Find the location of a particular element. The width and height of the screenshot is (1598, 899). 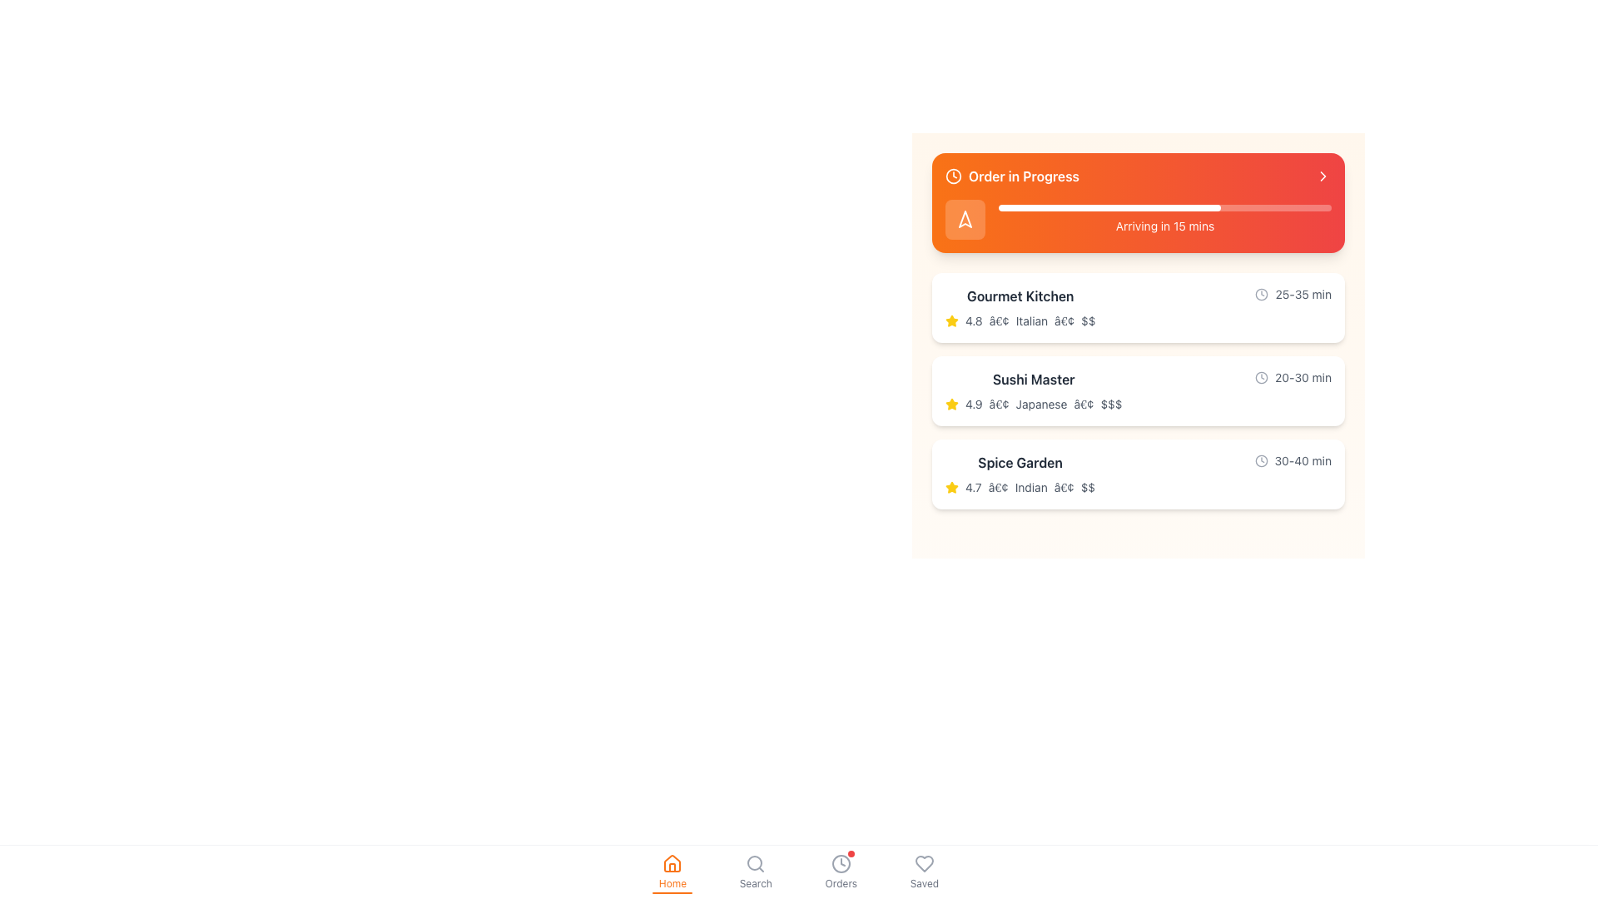

estimated delivery time displayed in the Time estimate badge for the restaurant 'Sushi Master', which shows '20-30 min' is located at coordinates (1293, 378).